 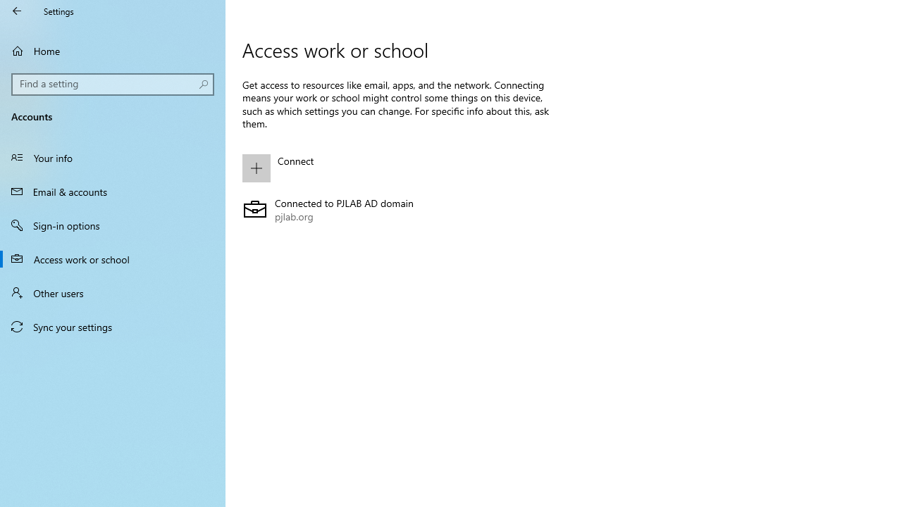 I want to click on 'Home', so click(x=113, y=50).